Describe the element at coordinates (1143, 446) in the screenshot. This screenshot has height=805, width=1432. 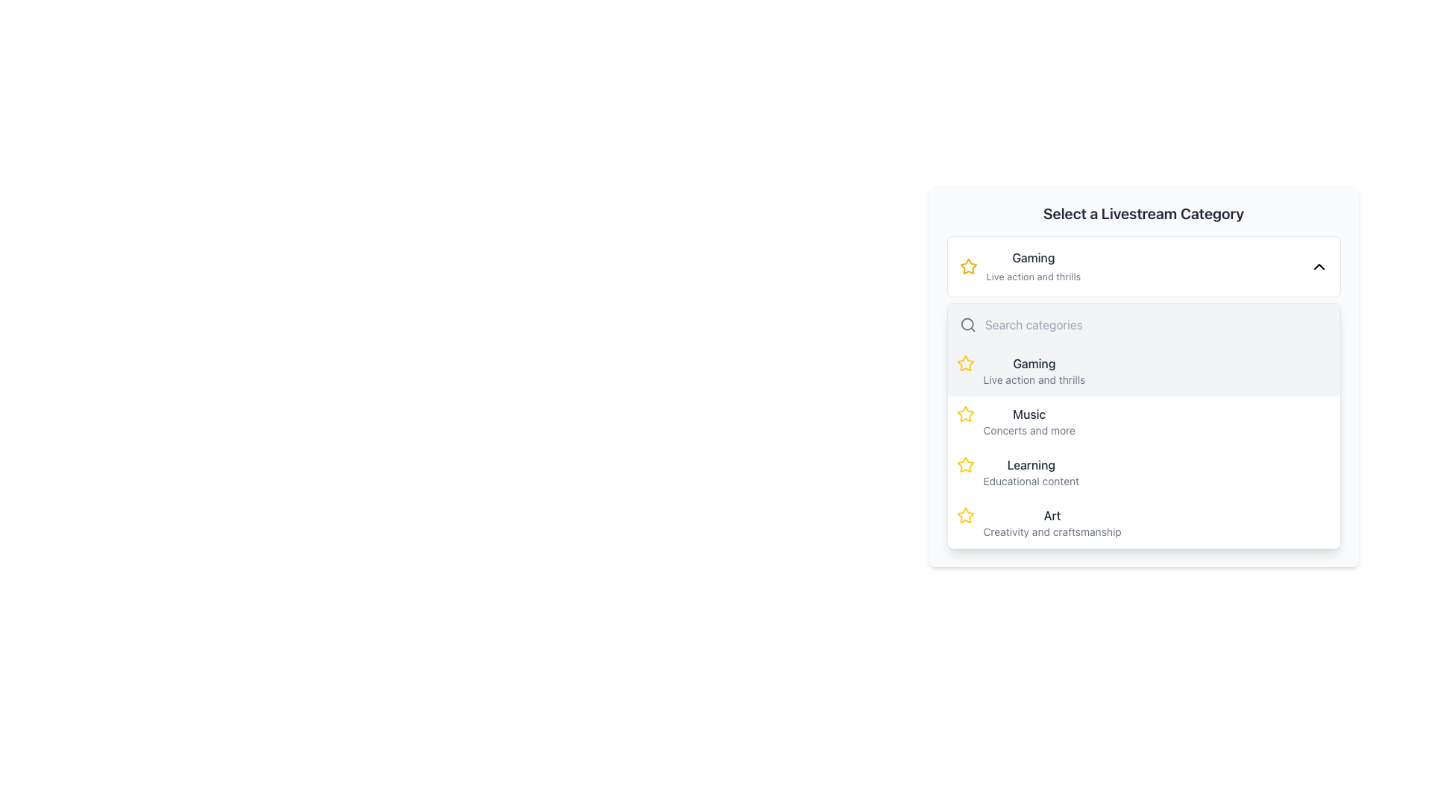
I see `the third list item in the dropdown menu, which represents the 'Learning' category, to trigger the hover effect` at that location.